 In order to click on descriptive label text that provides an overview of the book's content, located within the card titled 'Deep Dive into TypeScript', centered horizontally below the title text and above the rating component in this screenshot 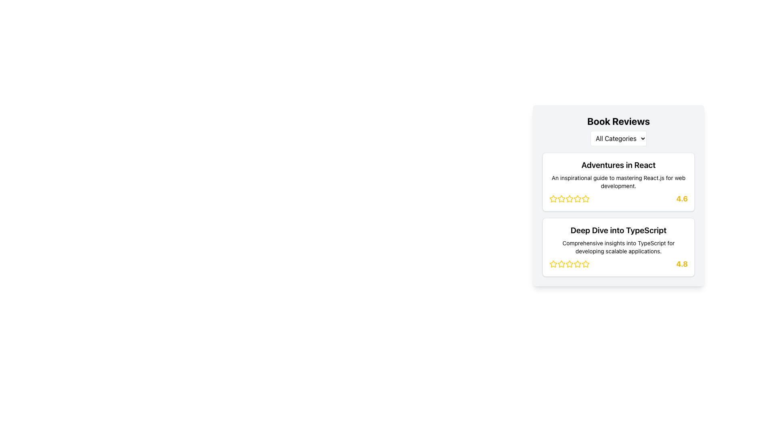, I will do `click(618, 246)`.